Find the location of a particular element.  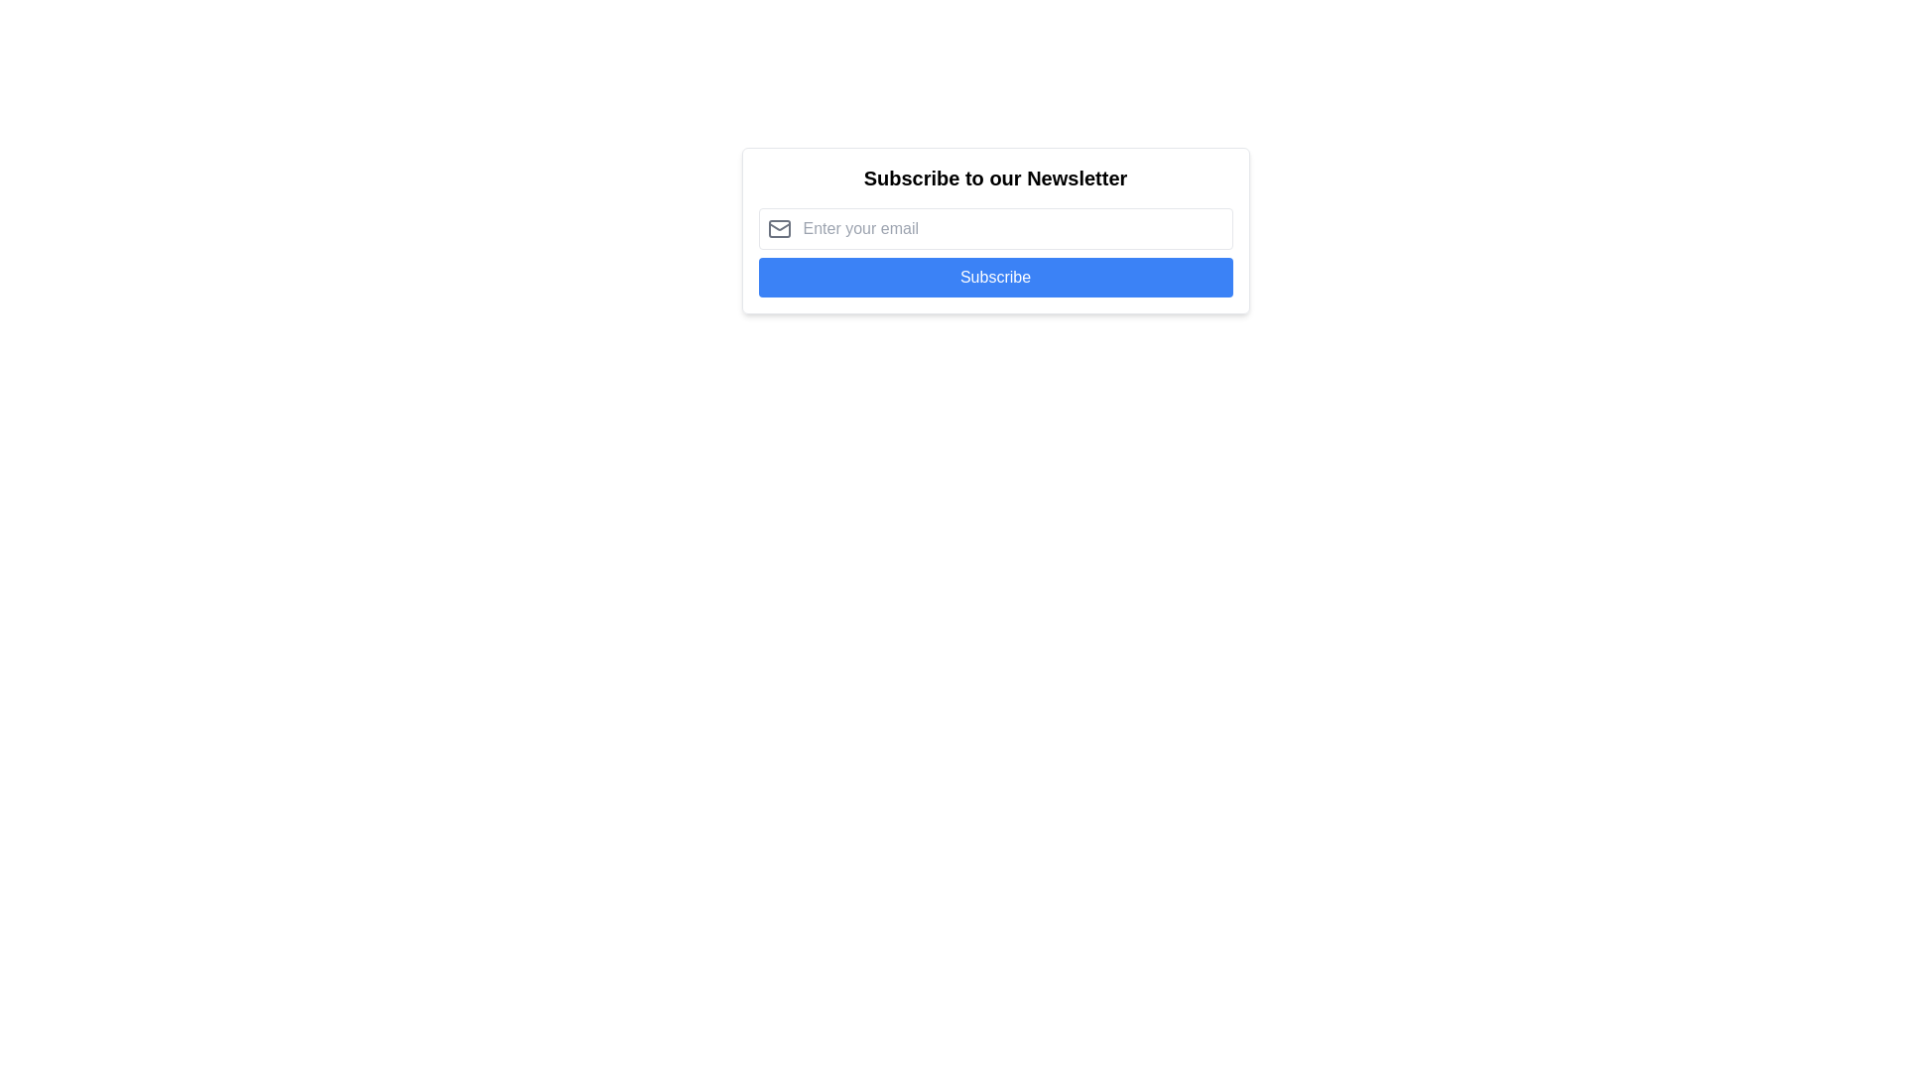

the text label displaying 'Subscribe to our Newsletter', which is a prominent heading above the input field and button is located at coordinates (995, 178).